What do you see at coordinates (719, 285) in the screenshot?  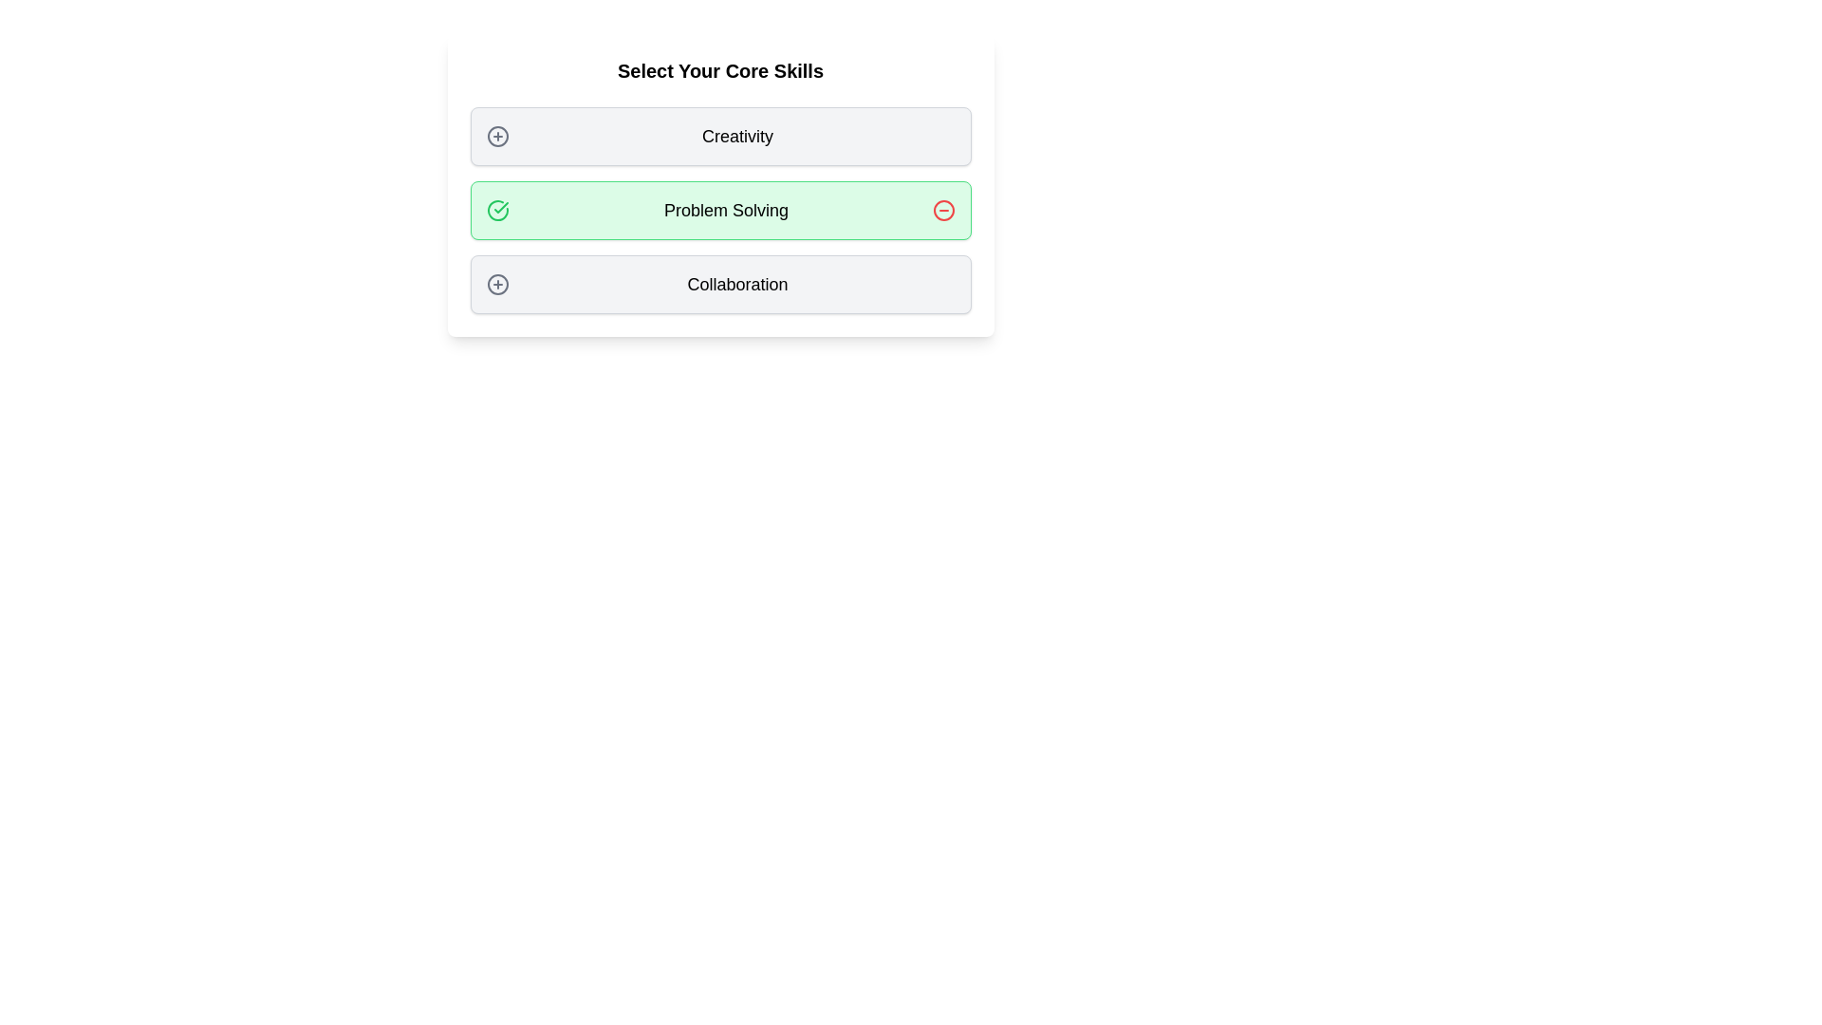 I see `the tag Collaboration to toggle its selection state` at bounding box center [719, 285].